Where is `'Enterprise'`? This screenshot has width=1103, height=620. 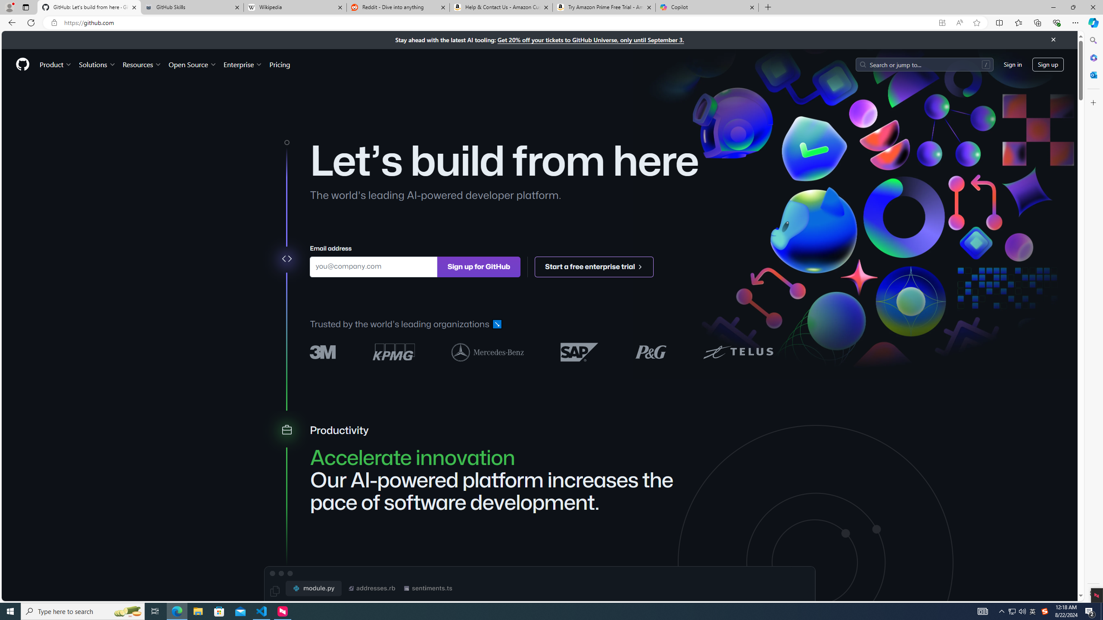
'Enterprise' is located at coordinates (242, 64).